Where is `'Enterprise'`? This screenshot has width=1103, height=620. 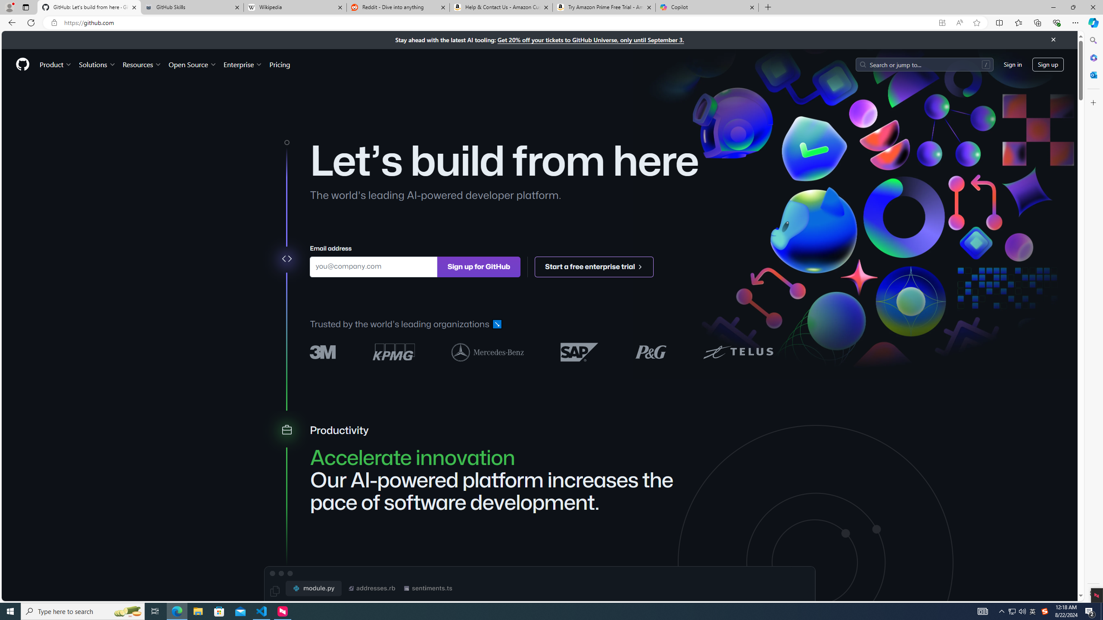
'Enterprise' is located at coordinates (242, 64).